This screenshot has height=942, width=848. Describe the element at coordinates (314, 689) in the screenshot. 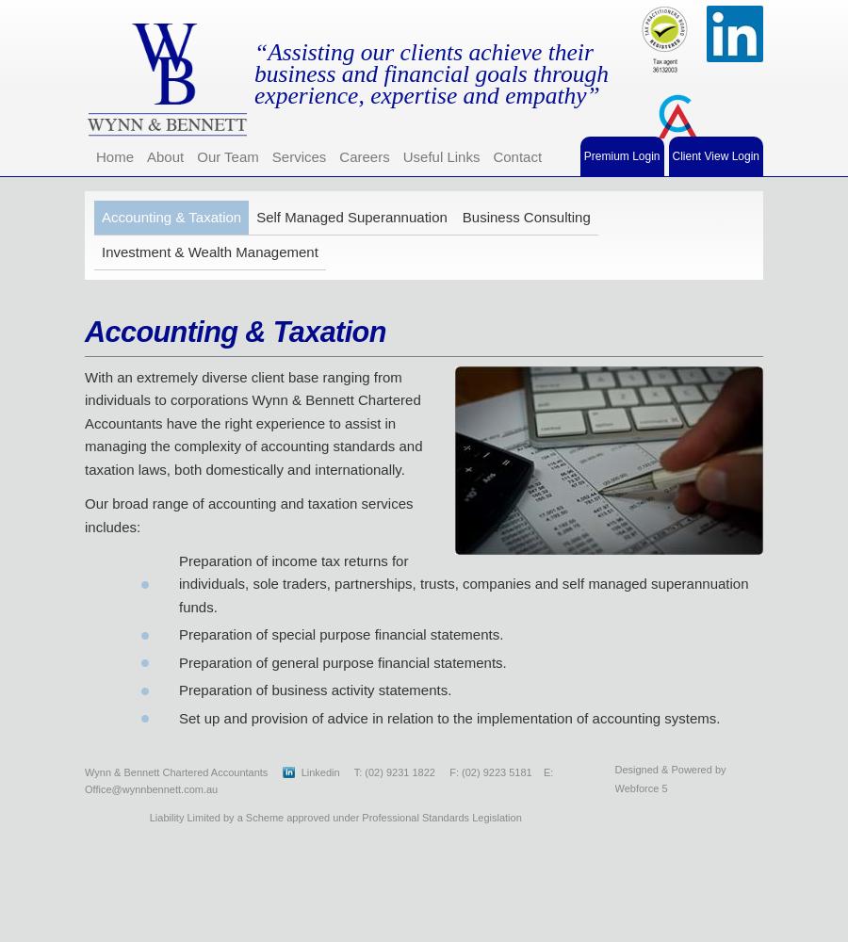

I see `'Preparation of business activity statements.'` at that location.